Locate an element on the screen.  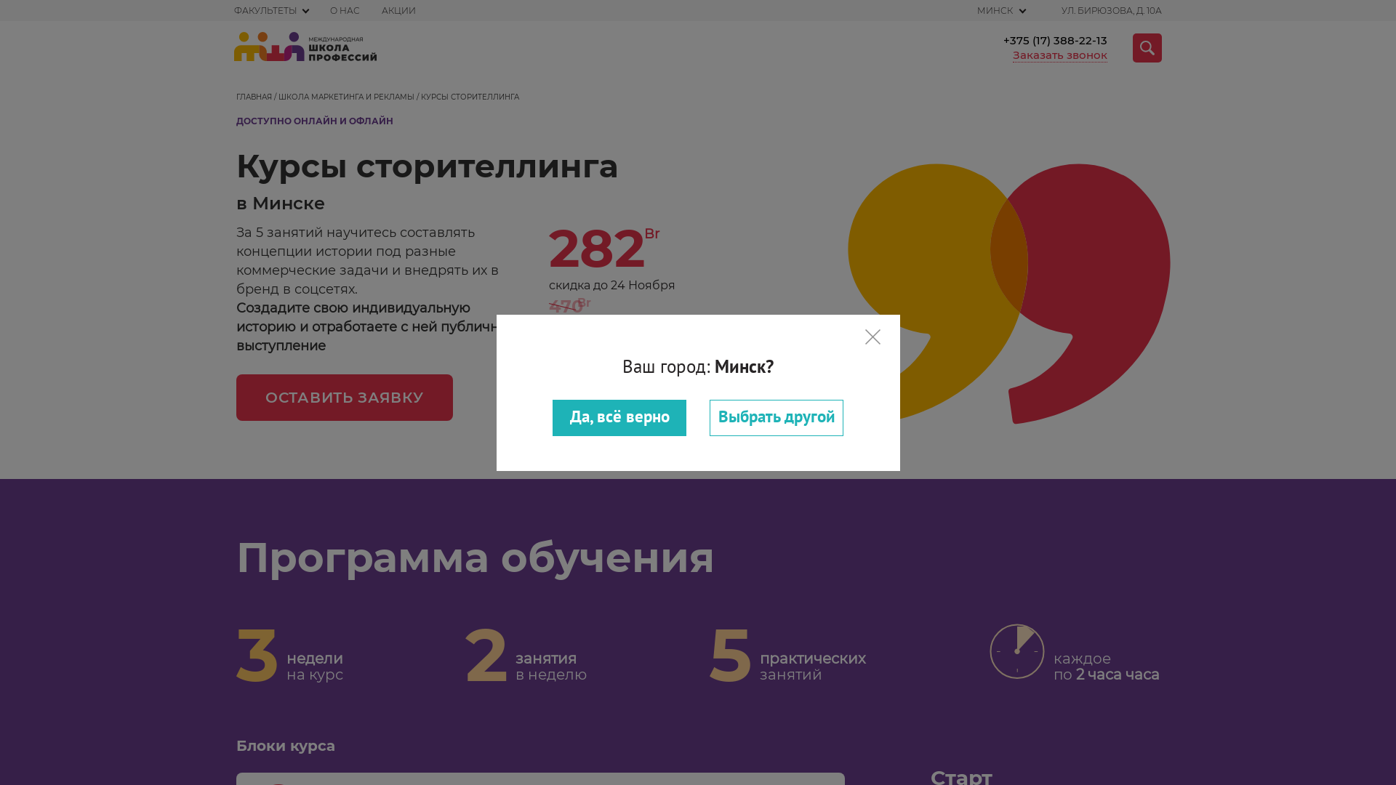
'+375 (17) 388-22-13' is located at coordinates (1055, 40).